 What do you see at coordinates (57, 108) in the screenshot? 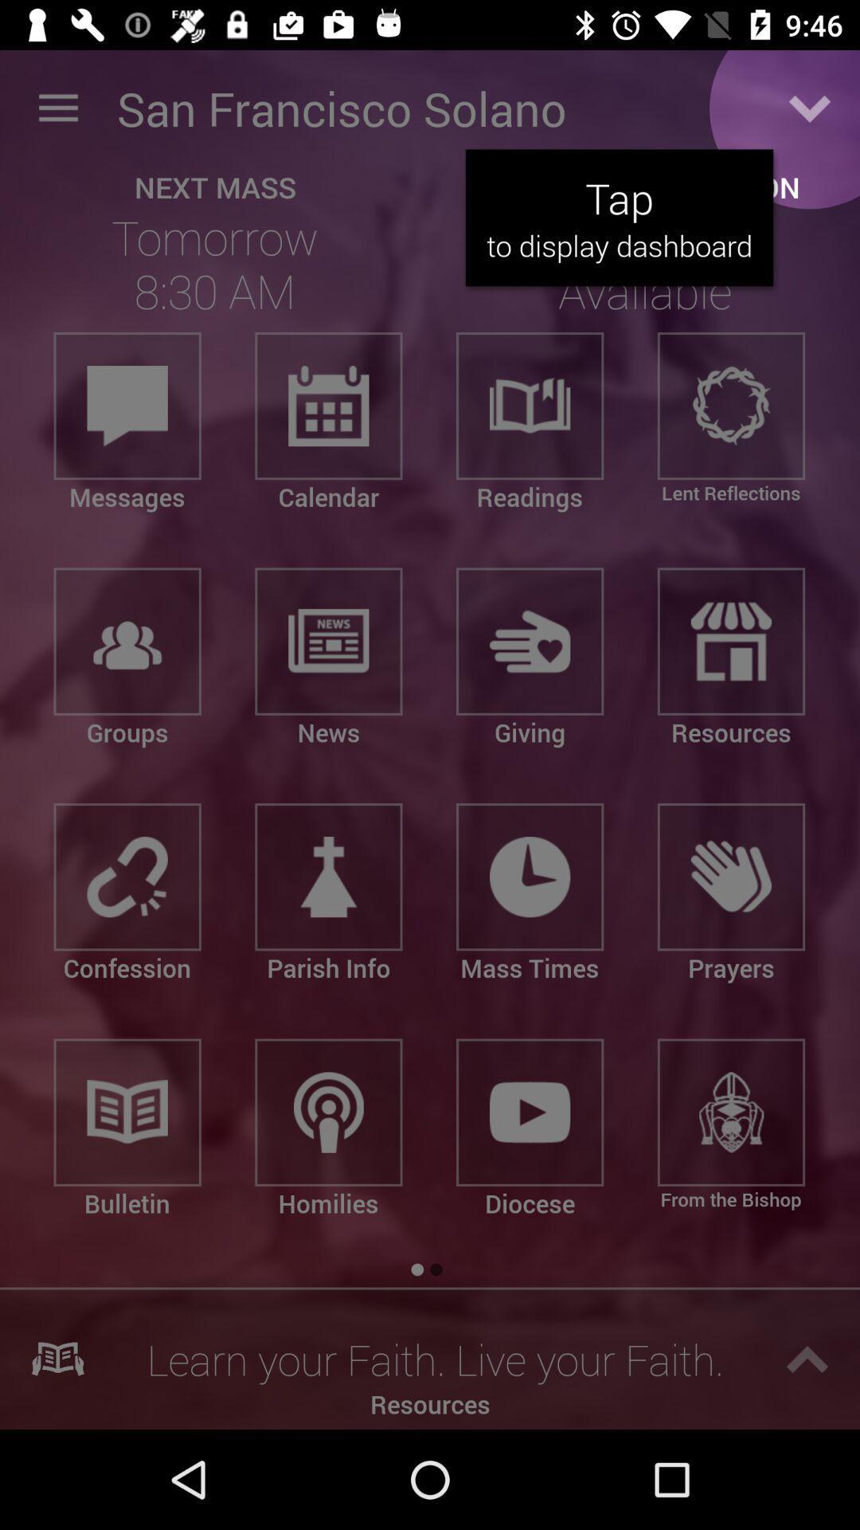
I see `icon next to the san francisco solano item` at bounding box center [57, 108].